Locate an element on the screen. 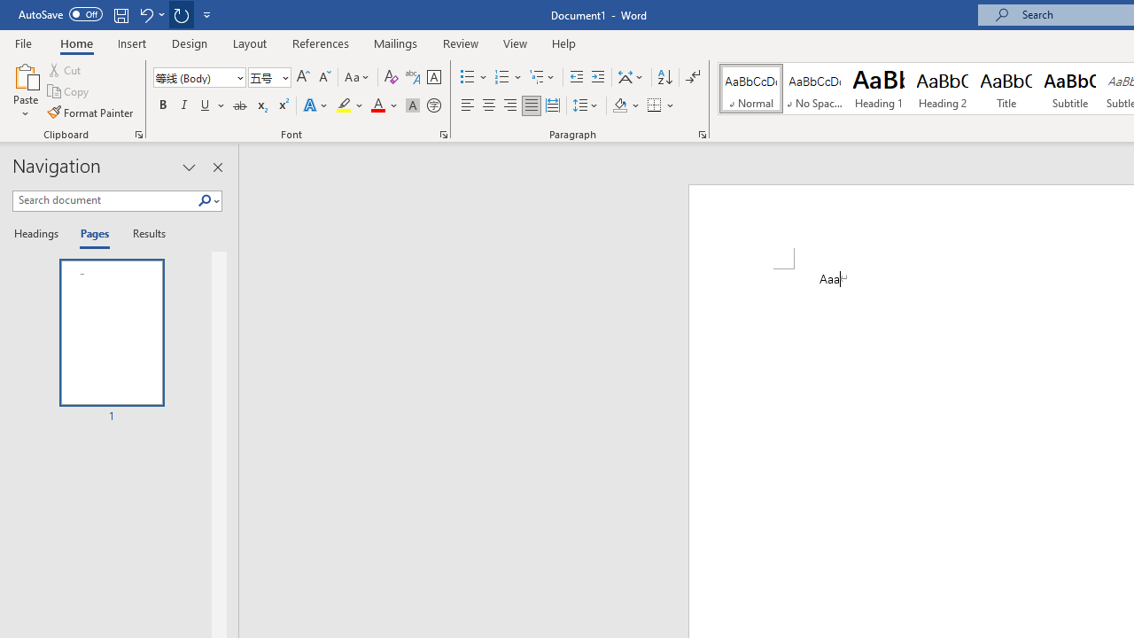 This screenshot has height=638, width=1134. 'Font' is located at coordinates (193, 76).